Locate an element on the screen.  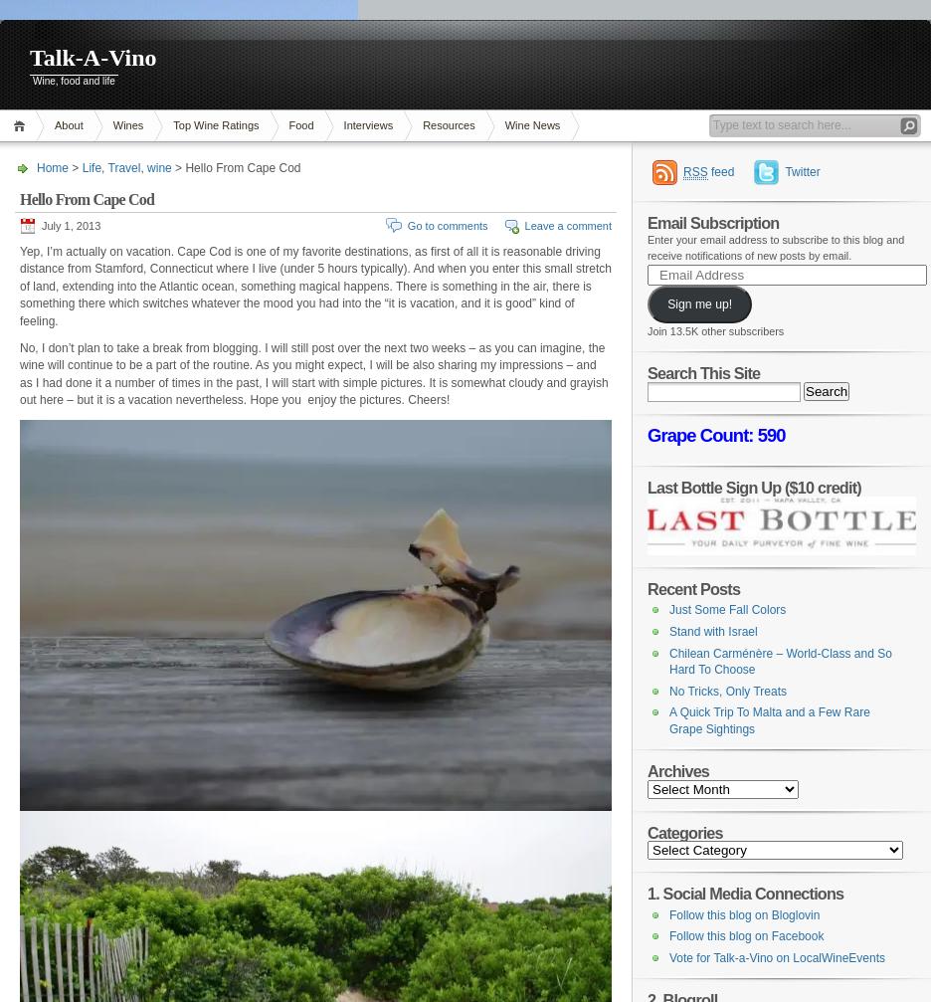
'Grape Count:  590' is located at coordinates (714, 434).